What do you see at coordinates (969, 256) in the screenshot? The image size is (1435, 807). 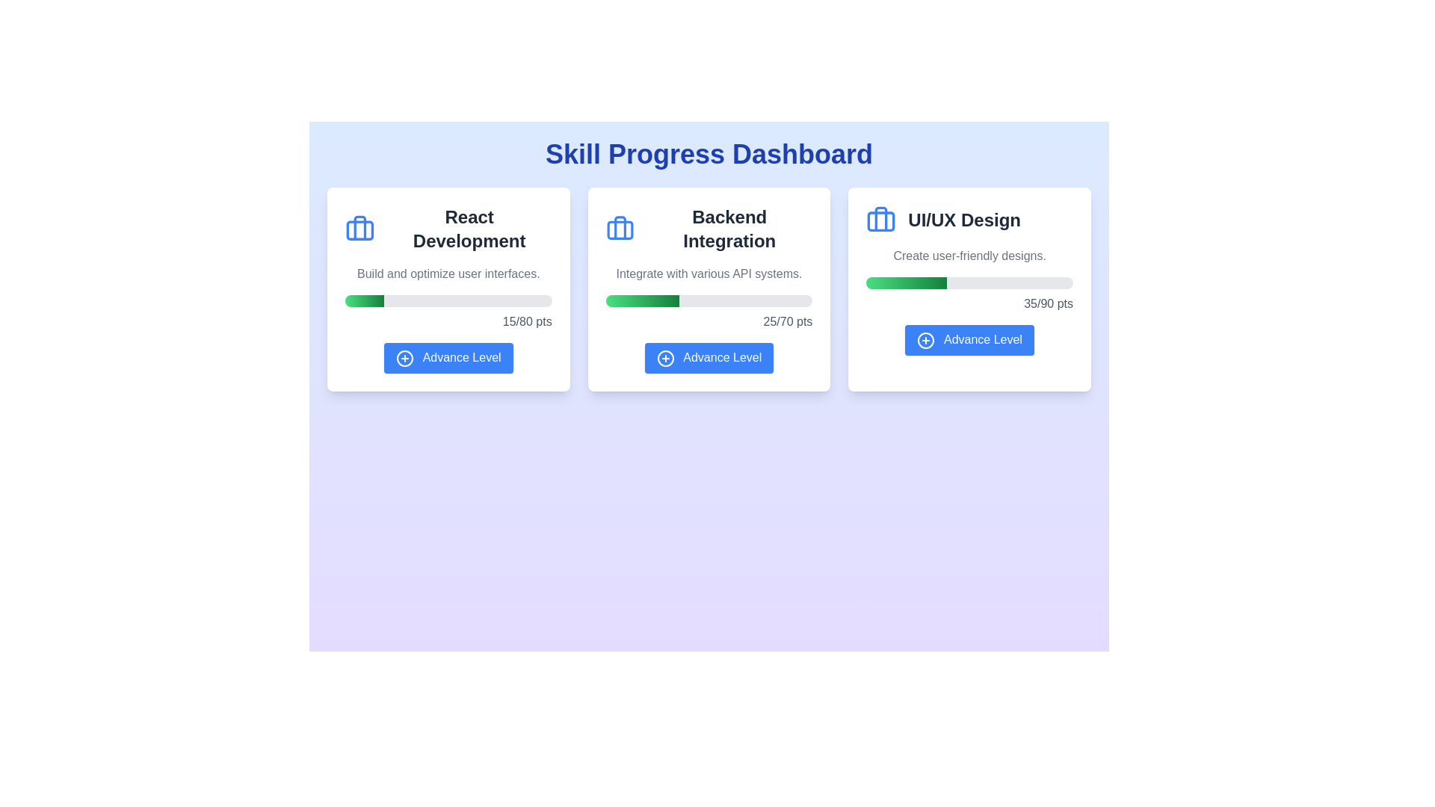 I see `the descriptive text label located on the second line within the 'UI/UX Design' card, positioned near the top of the card` at bounding box center [969, 256].